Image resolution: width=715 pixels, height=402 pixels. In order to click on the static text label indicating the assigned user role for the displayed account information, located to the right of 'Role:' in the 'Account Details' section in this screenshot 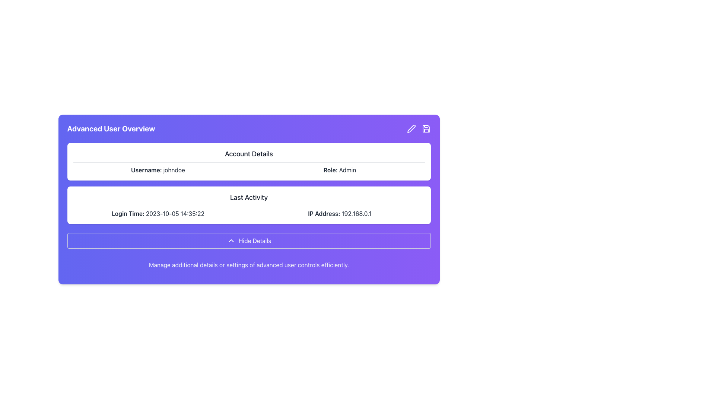, I will do `click(347, 170)`.